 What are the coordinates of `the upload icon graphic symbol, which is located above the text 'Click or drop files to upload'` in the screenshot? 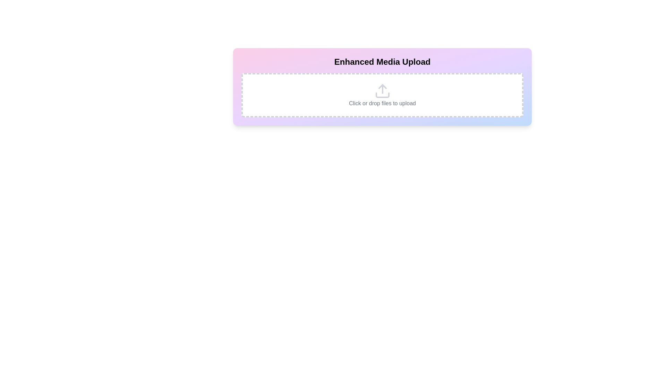 It's located at (382, 86).